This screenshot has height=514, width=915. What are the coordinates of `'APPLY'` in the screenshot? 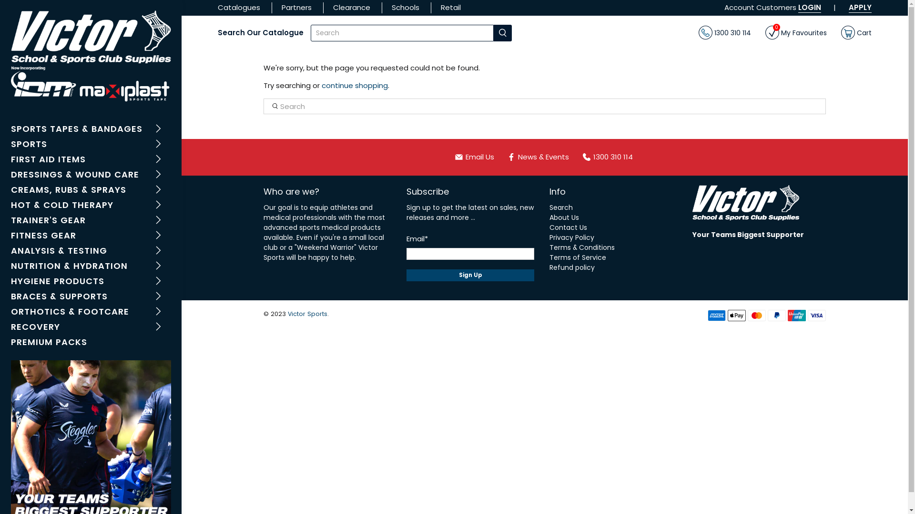 It's located at (860, 7).